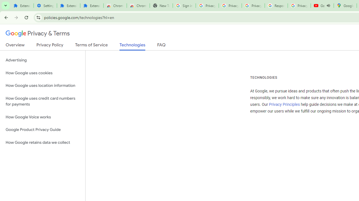 The image size is (359, 201). Describe the element at coordinates (184, 6) in the screenshot. I see `'Sign in - Google Accounts'` at that location.